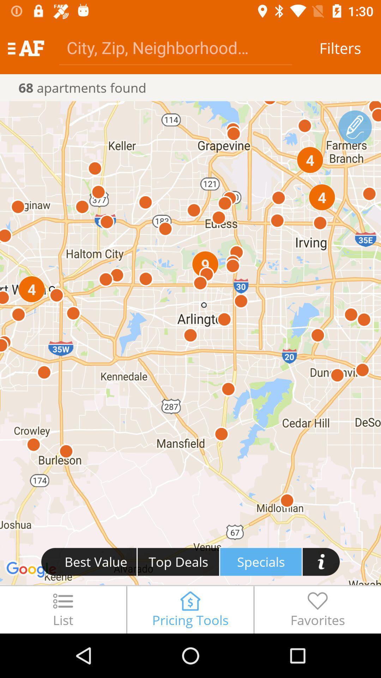 The width and height of the screenshot is (381, 678). Describe the element at coordinates (355, 127) in the screenshot. I see `icon below the filters` at that location.